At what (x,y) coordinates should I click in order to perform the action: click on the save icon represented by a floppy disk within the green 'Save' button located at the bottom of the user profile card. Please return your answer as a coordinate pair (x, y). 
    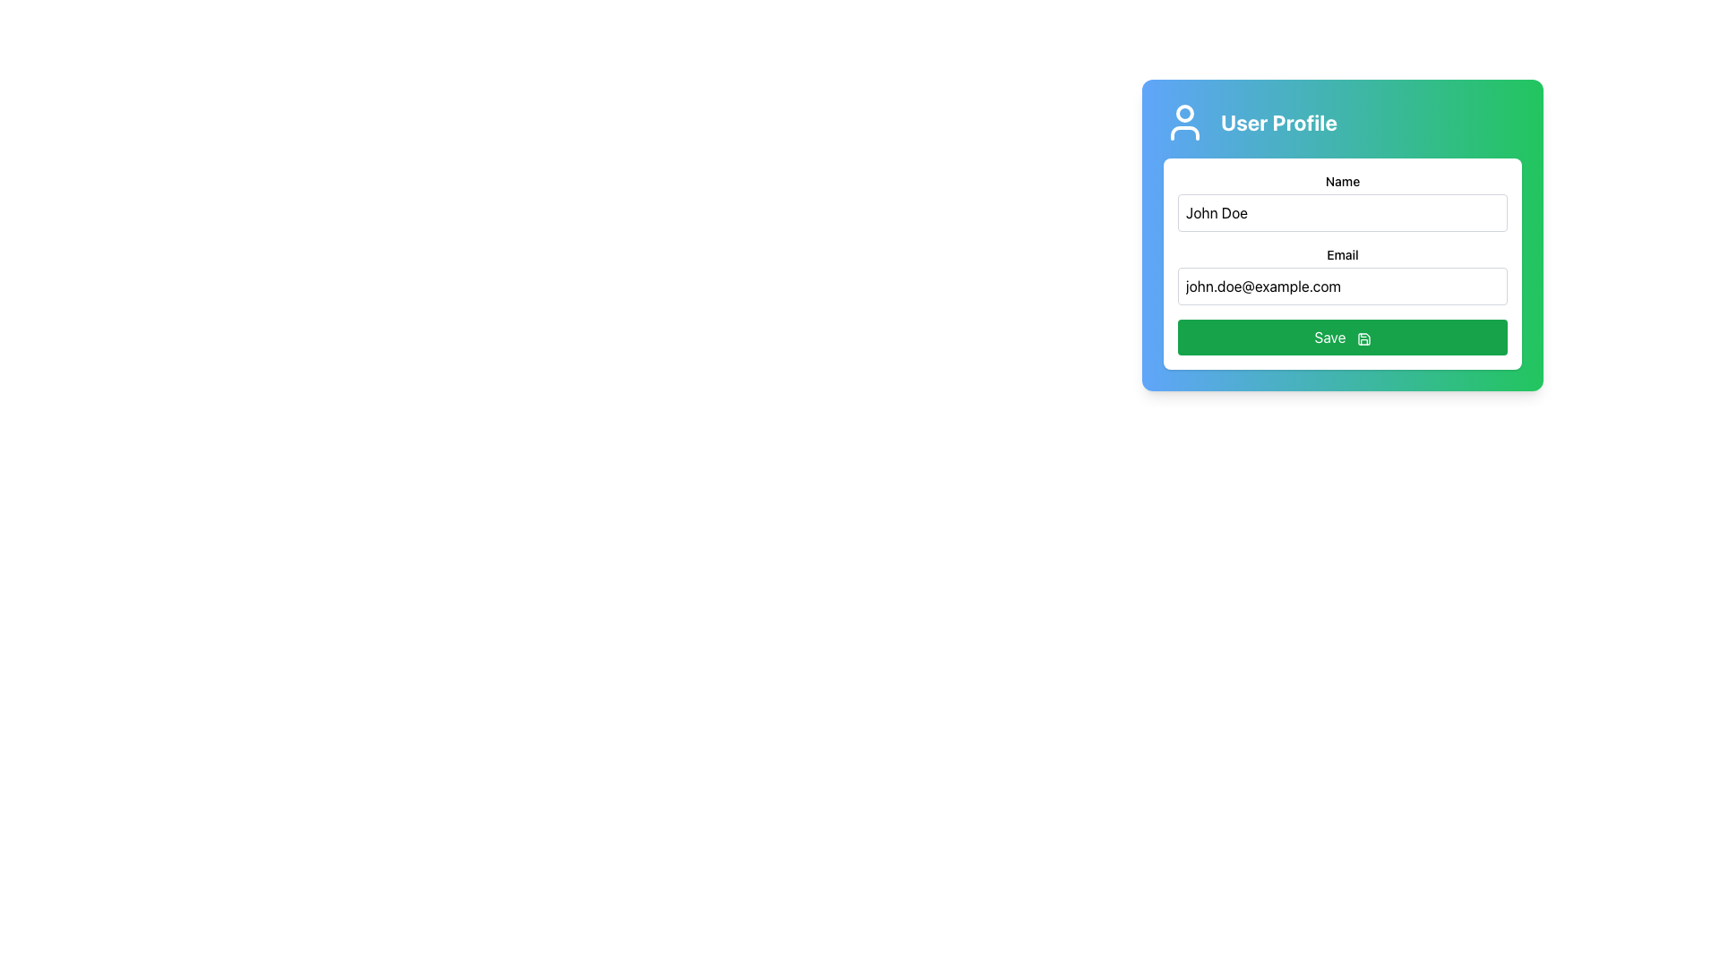
    Looking at the image, I should click on (1363, 338).